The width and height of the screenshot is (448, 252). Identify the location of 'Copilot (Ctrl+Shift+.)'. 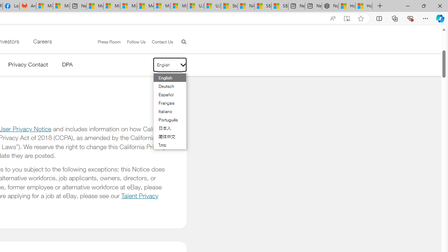
(440, 18).